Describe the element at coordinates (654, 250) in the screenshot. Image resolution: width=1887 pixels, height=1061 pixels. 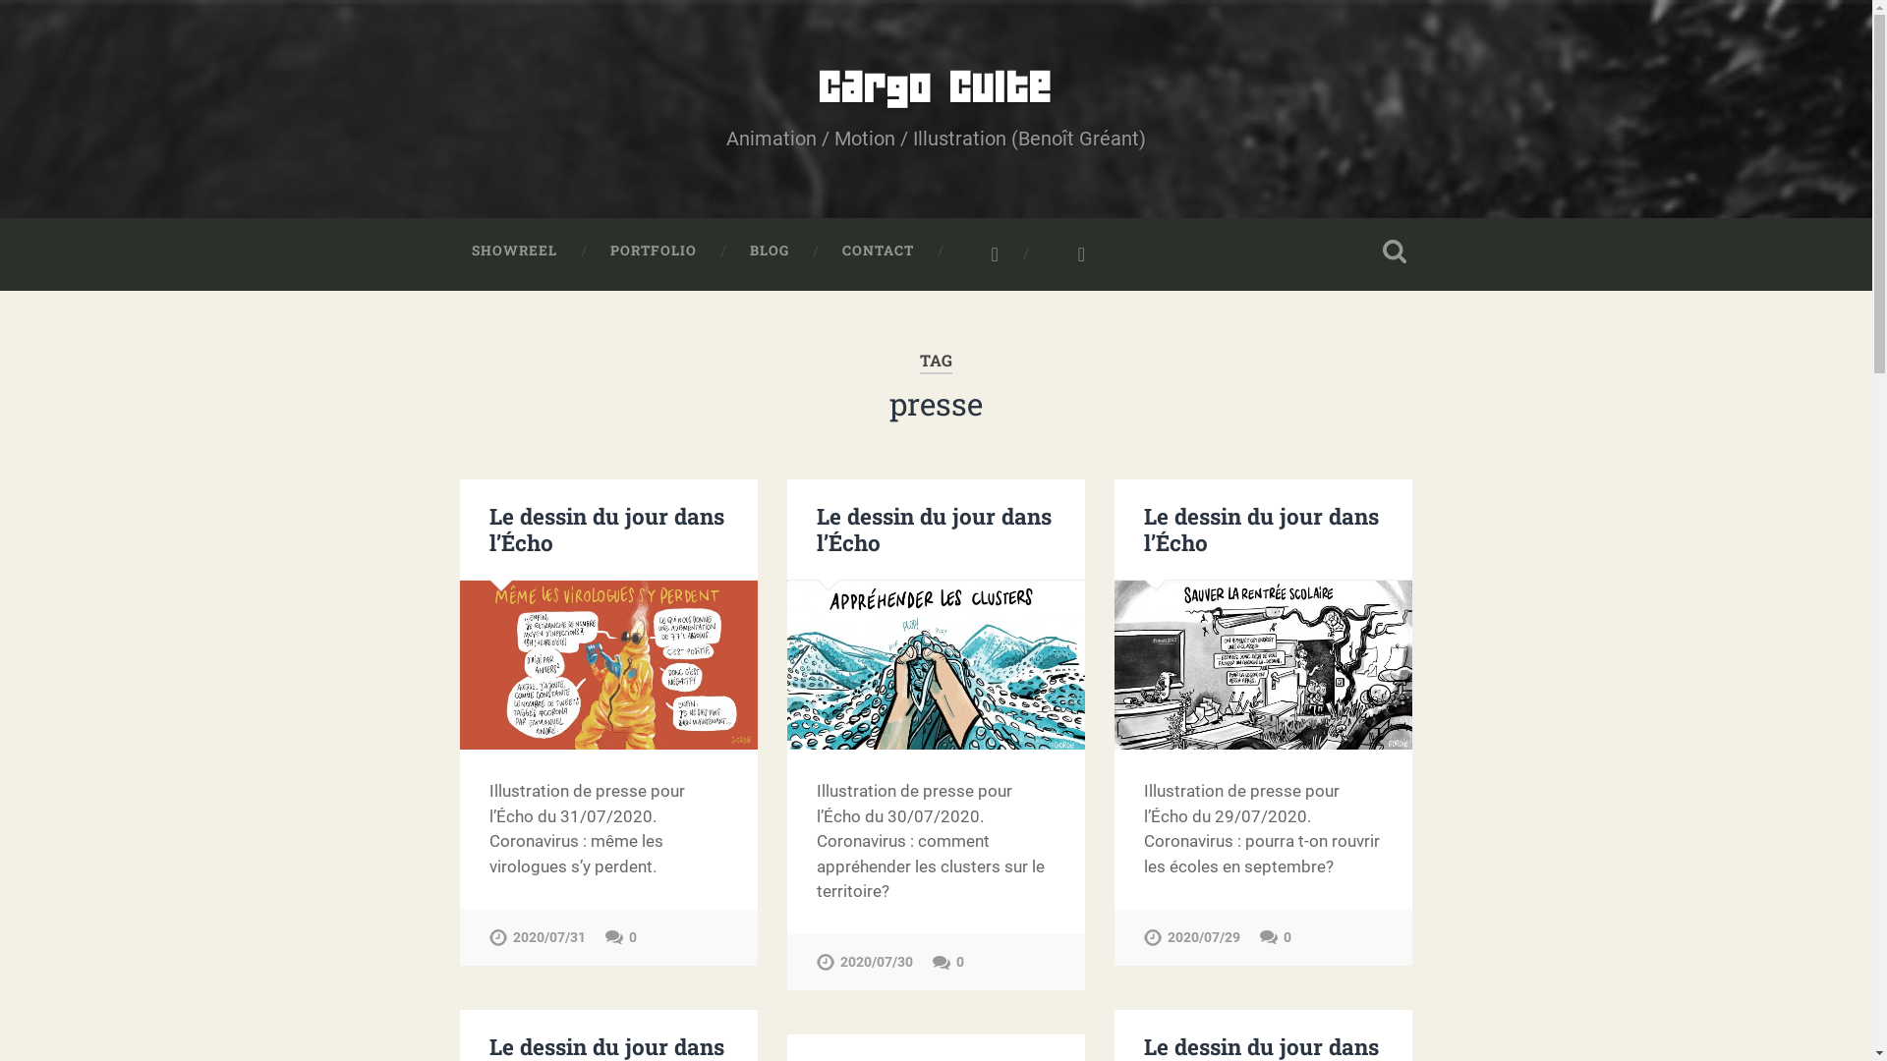
I see `'PORTFOLIO'` at that location.